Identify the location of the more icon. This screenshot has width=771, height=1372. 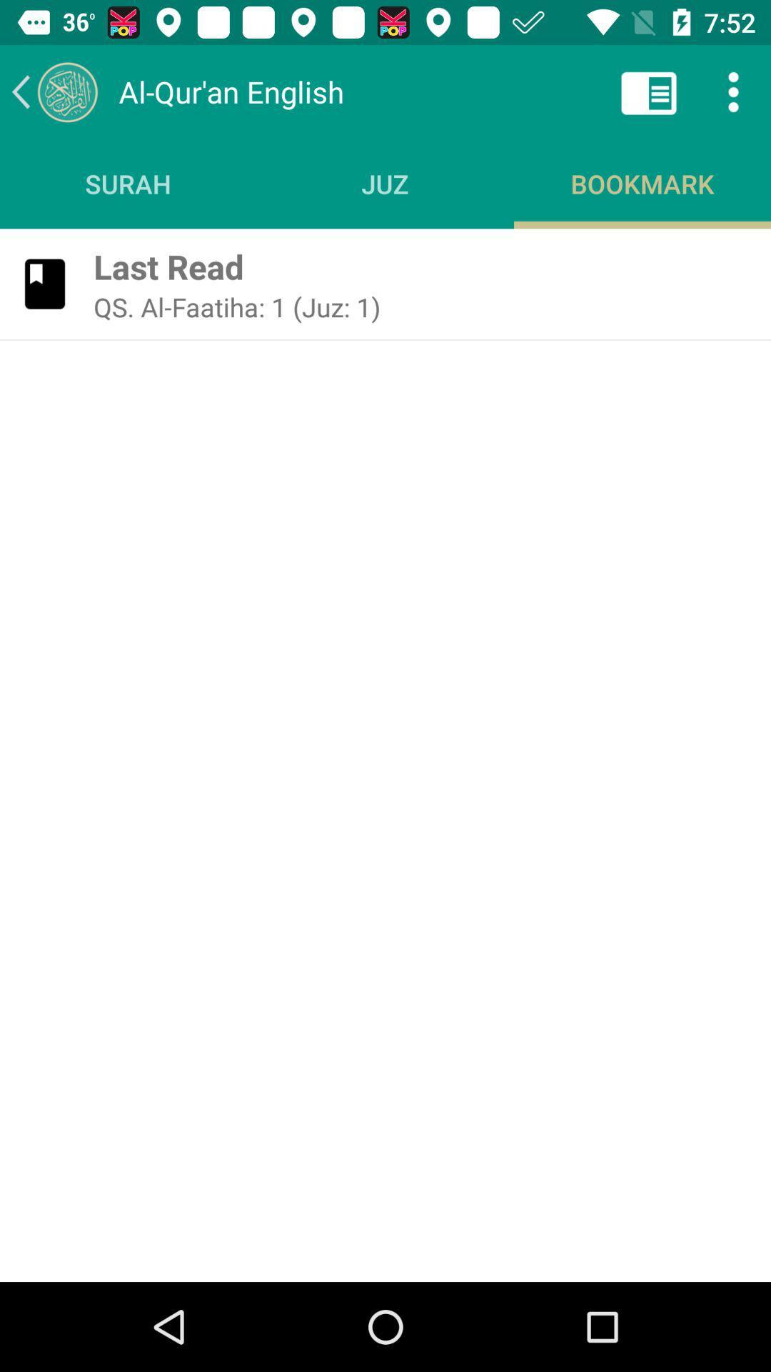
(733, 91).